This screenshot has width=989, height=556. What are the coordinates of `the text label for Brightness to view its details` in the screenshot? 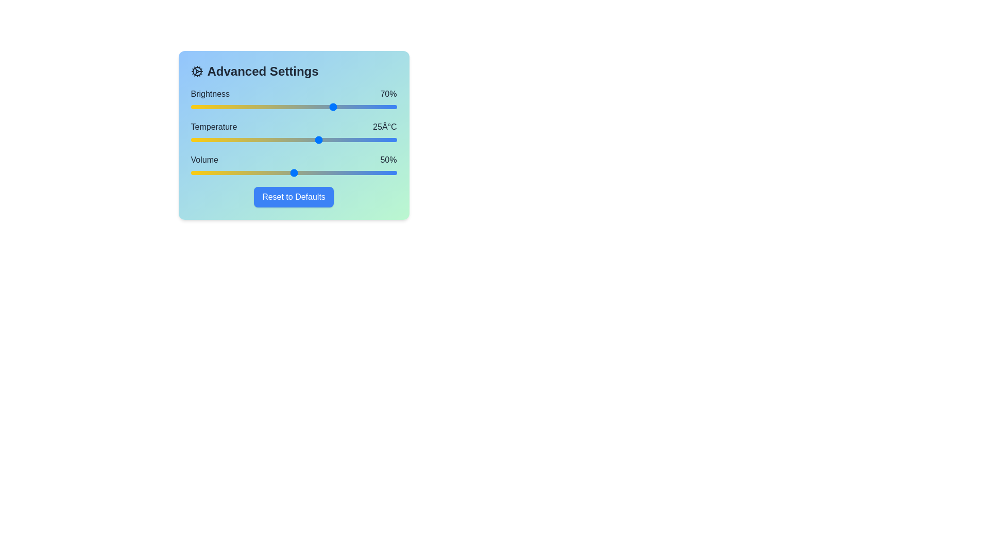 It's located at (210, 94).